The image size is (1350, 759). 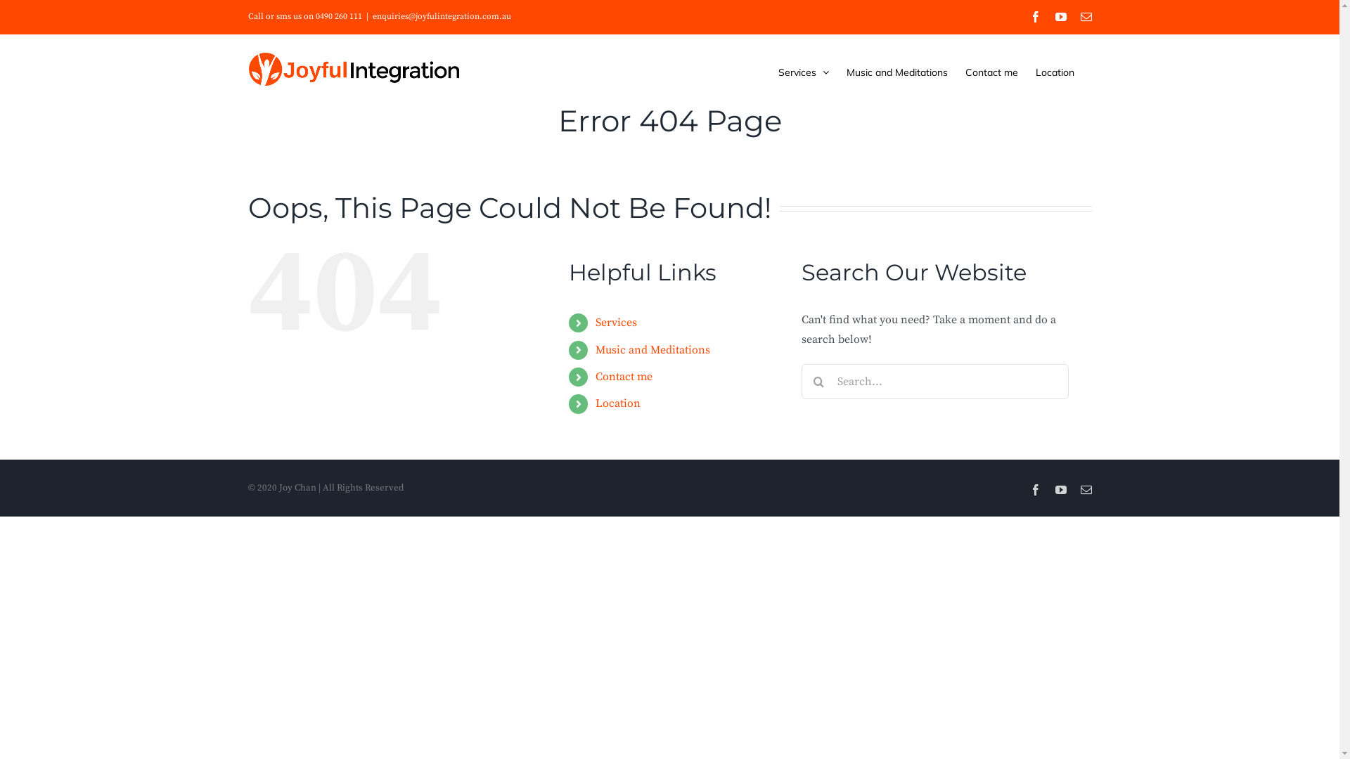 What do you see at coordinates (1085, 16) in the screenshot?
I see `'Email'` at bounding box center [1085, 16].